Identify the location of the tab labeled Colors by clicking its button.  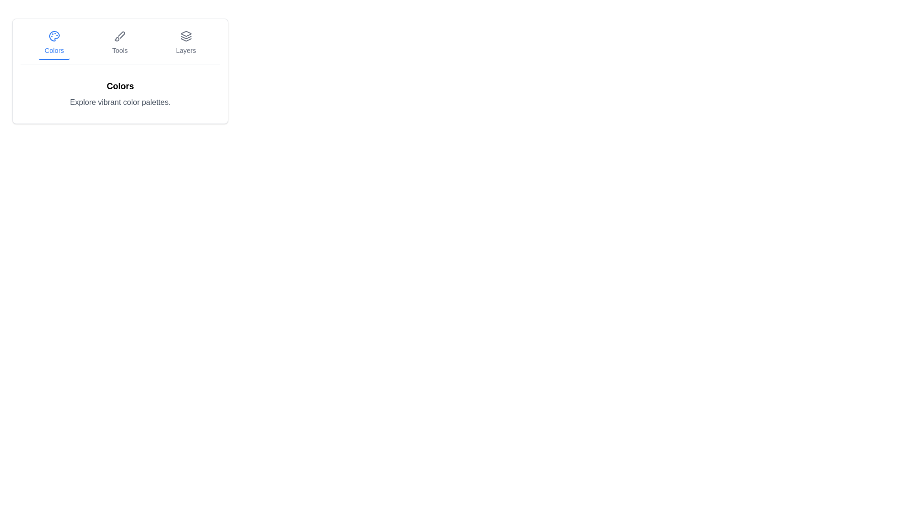
(53, 43).